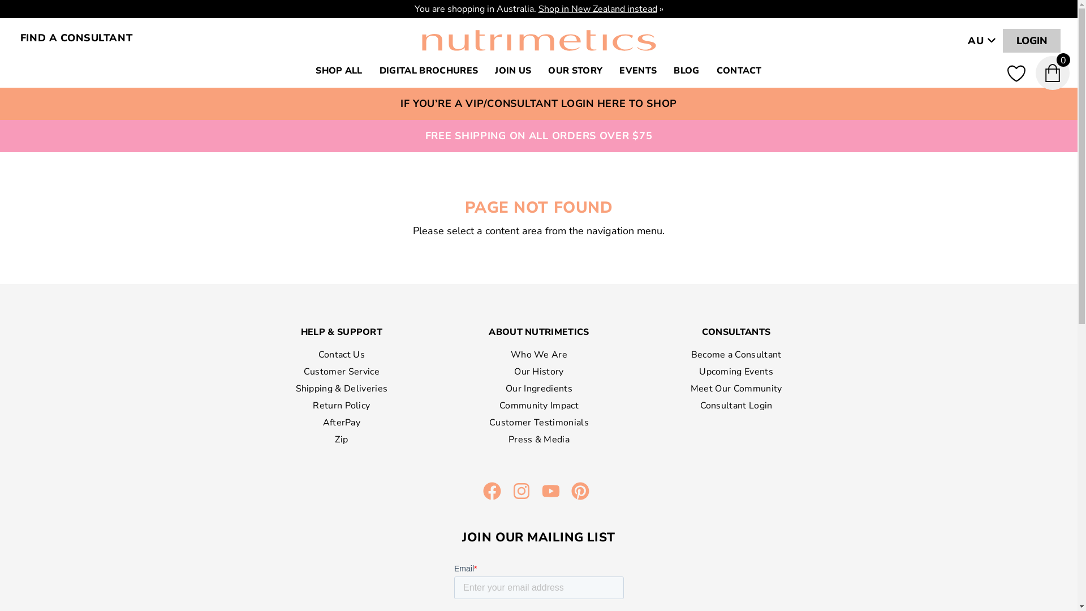 Image resolution: width=1086 pixels, height=611 pixels. Describe the element at coordinates (538, 423) in the screenshot. I see `'Customer Testimonials'` at that location.